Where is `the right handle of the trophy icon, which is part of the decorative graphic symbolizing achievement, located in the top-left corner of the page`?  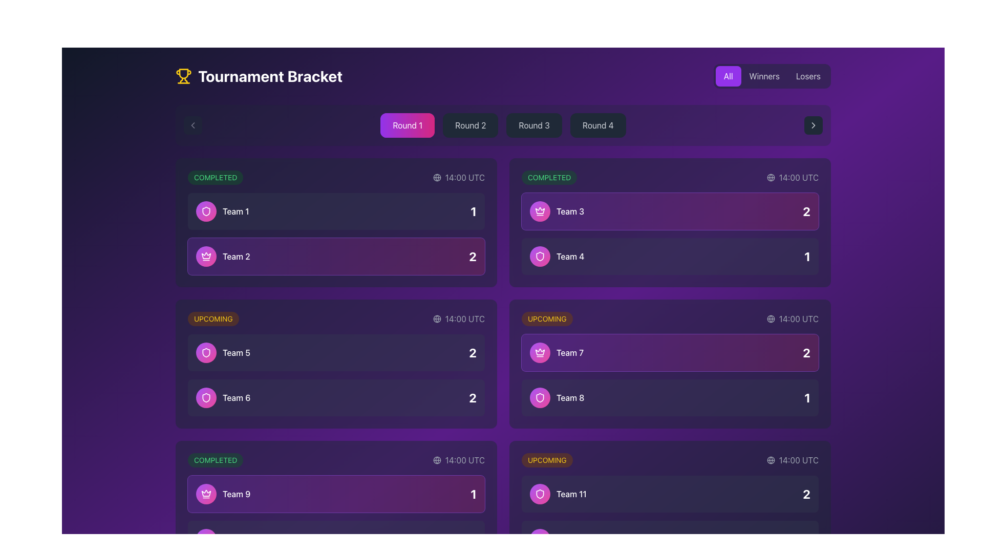 the right handle of the trophy icon, which is part of the decorative graphic symbolizing achievement, located in the top-left corner of the page is located at coordinates (186, 80).